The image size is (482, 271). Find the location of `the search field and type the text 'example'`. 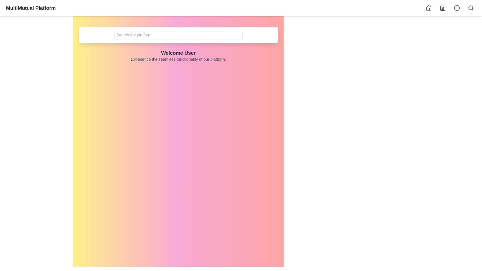

the search field and type the text 'example' is located at coordinates (178, 35).